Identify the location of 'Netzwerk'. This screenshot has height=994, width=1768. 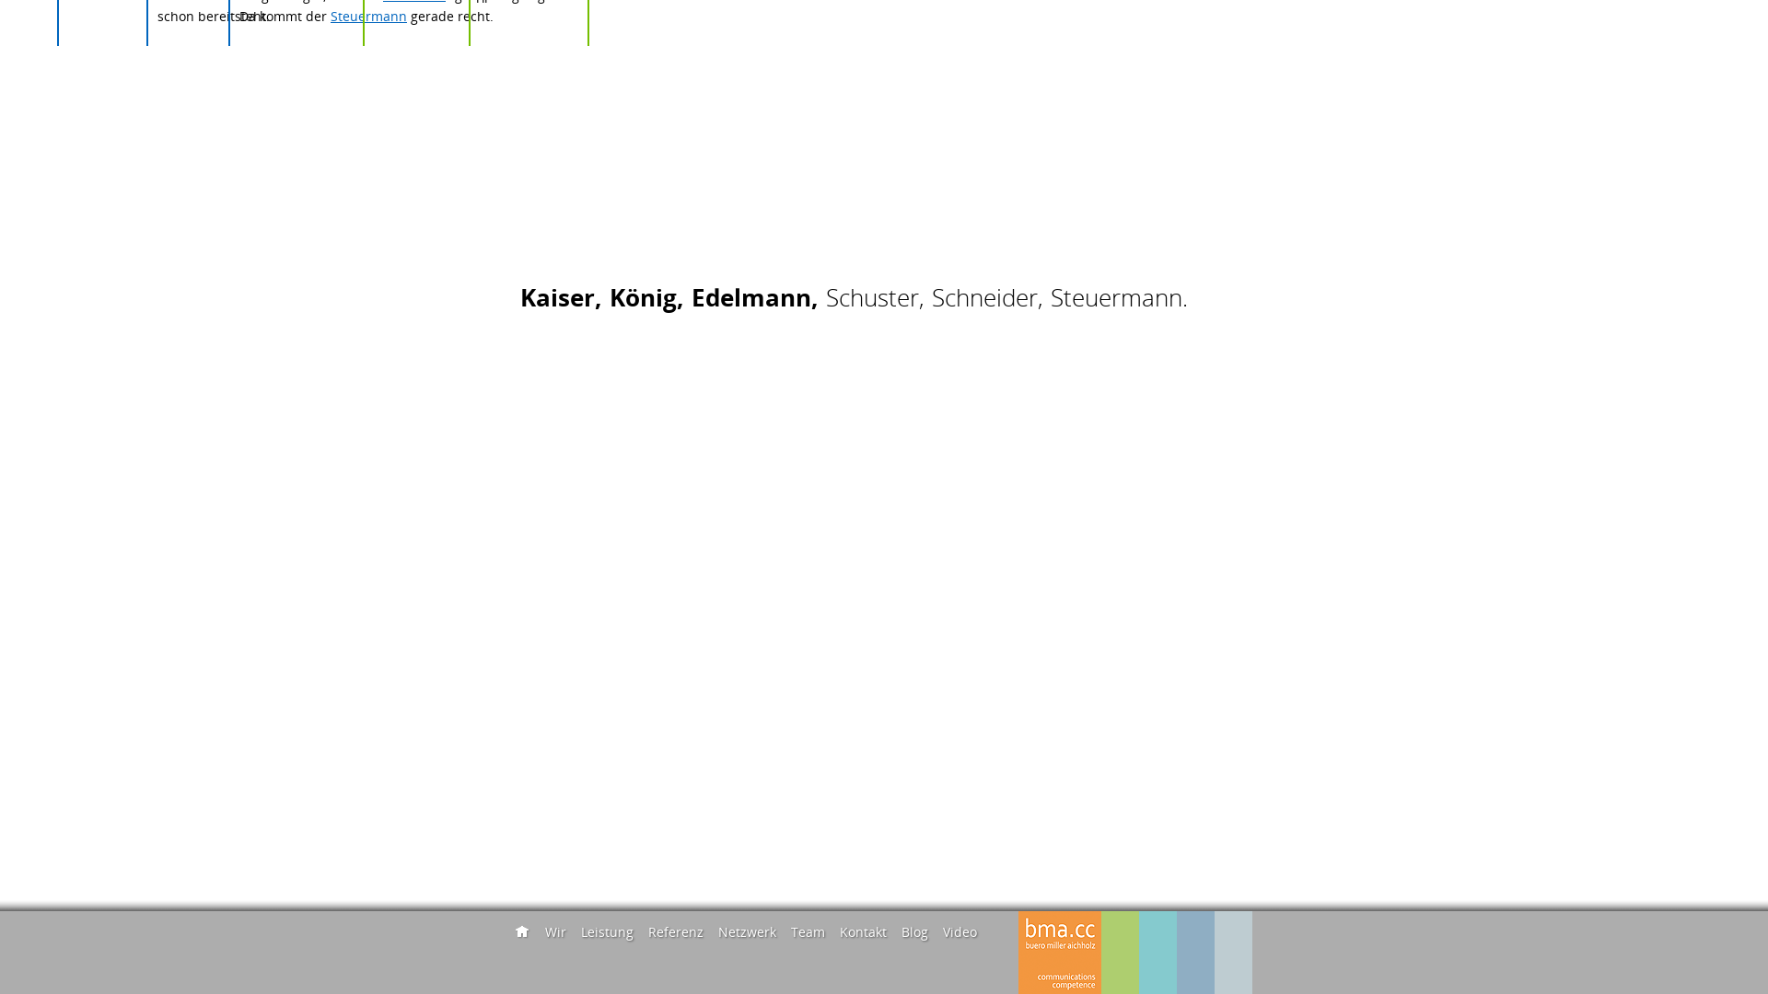
(747, 931).